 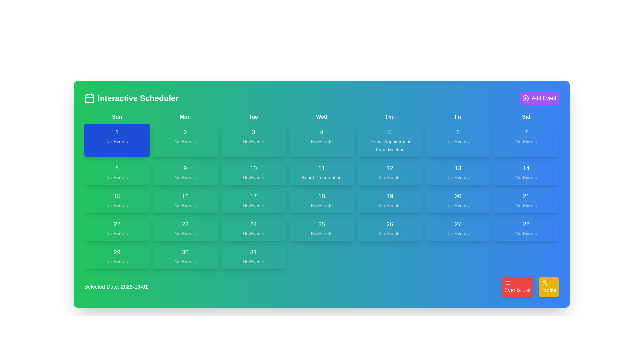 I want to click on the static text element displaying the number '8' on a green background, which represents a date in a calendar layout, so click(x=117, y=168).